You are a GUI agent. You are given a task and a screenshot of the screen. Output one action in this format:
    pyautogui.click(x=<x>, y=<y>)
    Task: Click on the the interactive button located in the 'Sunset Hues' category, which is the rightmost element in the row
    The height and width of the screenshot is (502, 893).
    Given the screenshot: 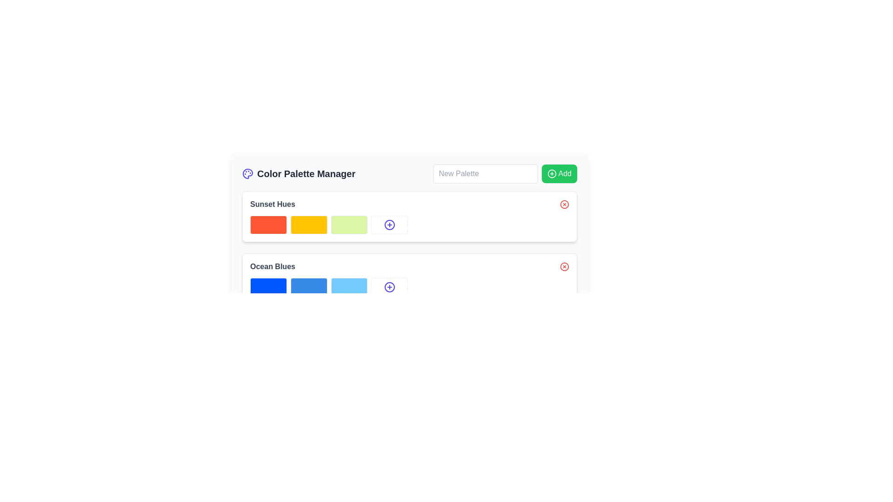 What is the action you would take?
    pyautogui.click(x=389, y=286)
    